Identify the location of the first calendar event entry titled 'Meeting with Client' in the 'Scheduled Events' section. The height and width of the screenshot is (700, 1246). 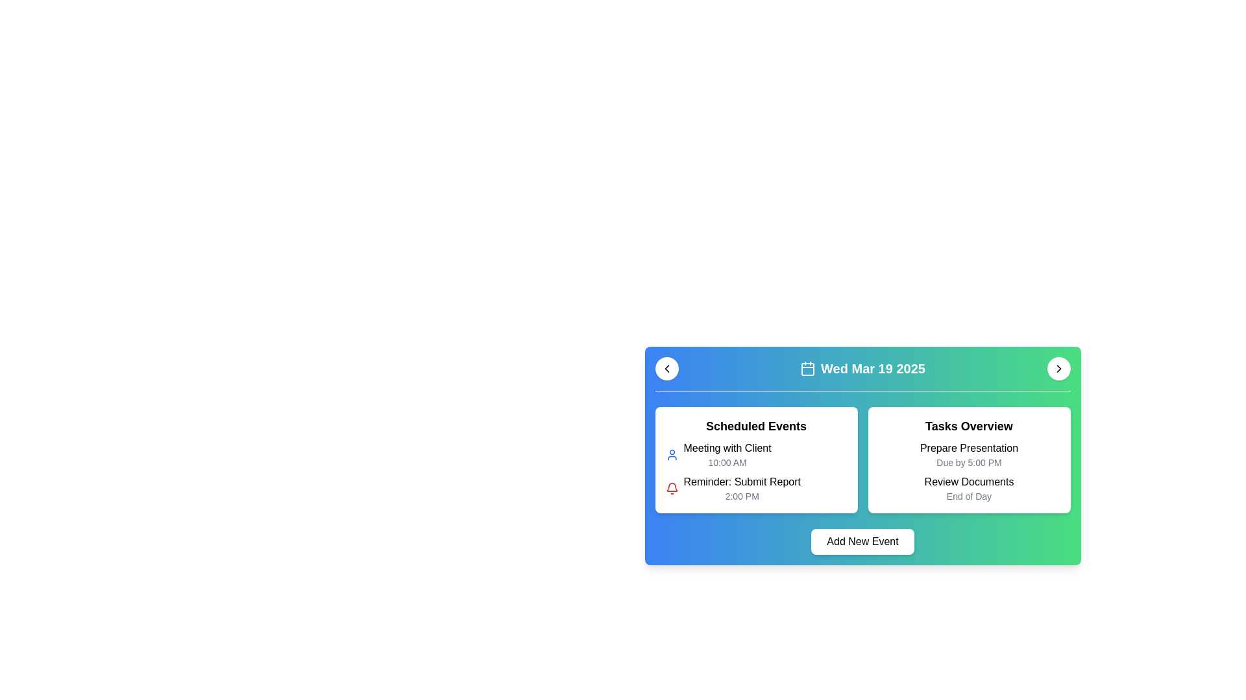
(756, 454).